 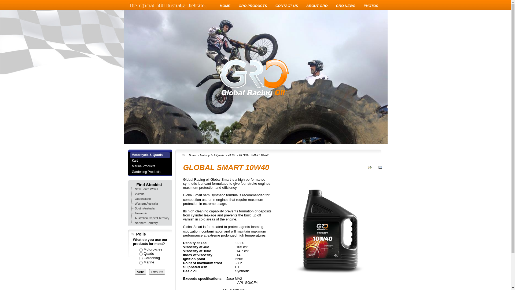 I want to click on 'Vote', so click(x=140, y=272).